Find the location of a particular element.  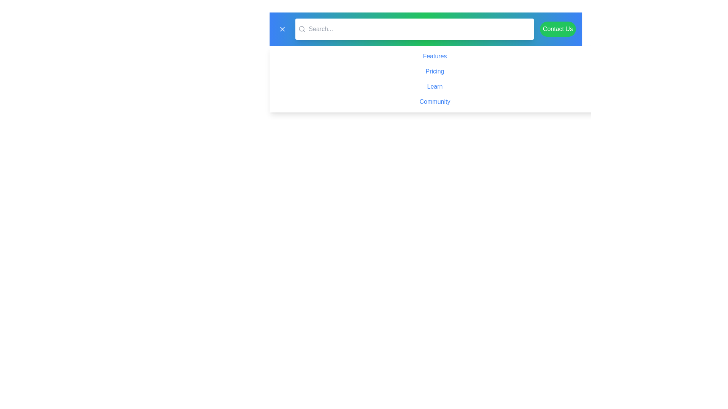

the 'Learn' hyperlink, which is the third item in the vertical list of navigational links, positioned between 'Pricing' and 'Community' is located at coordinates (435, 86).